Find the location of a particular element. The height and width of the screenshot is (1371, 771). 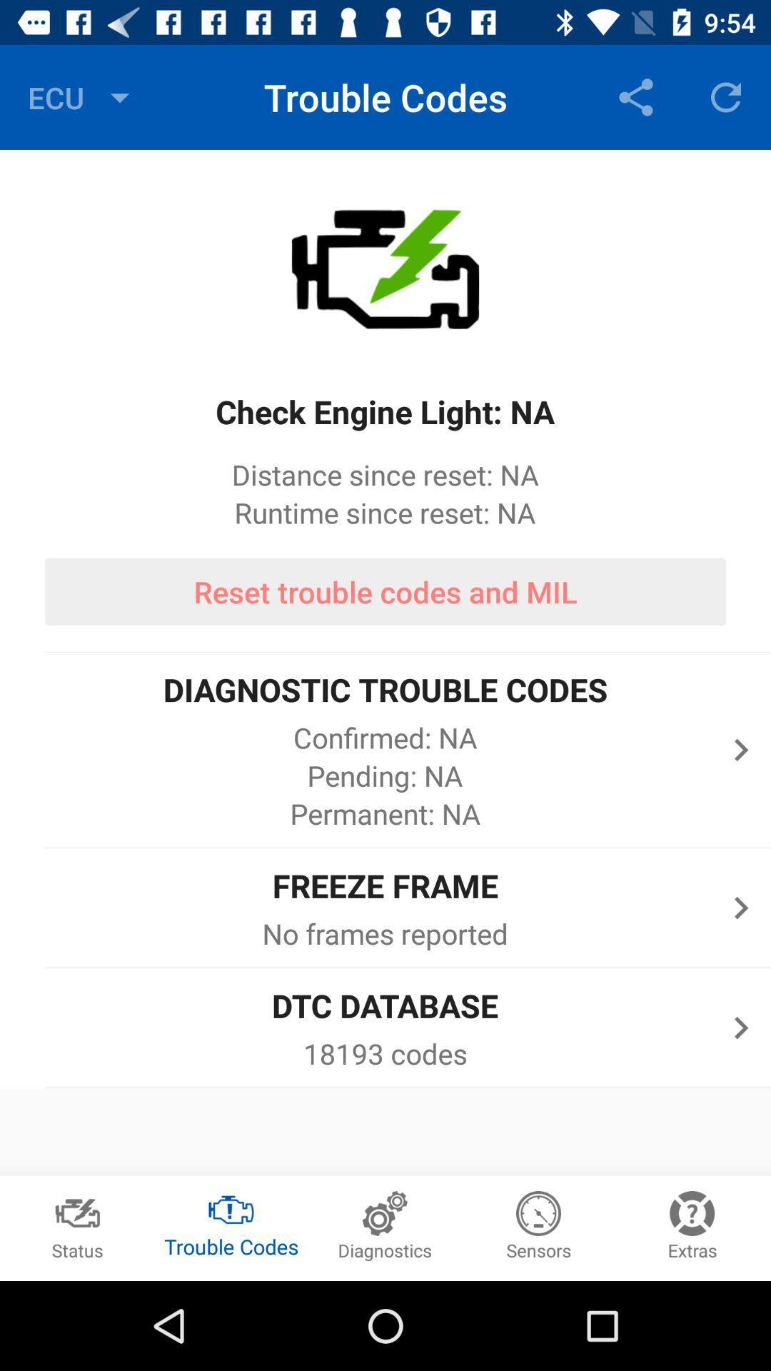

the ecu icon is located at coordinates (82, 96).